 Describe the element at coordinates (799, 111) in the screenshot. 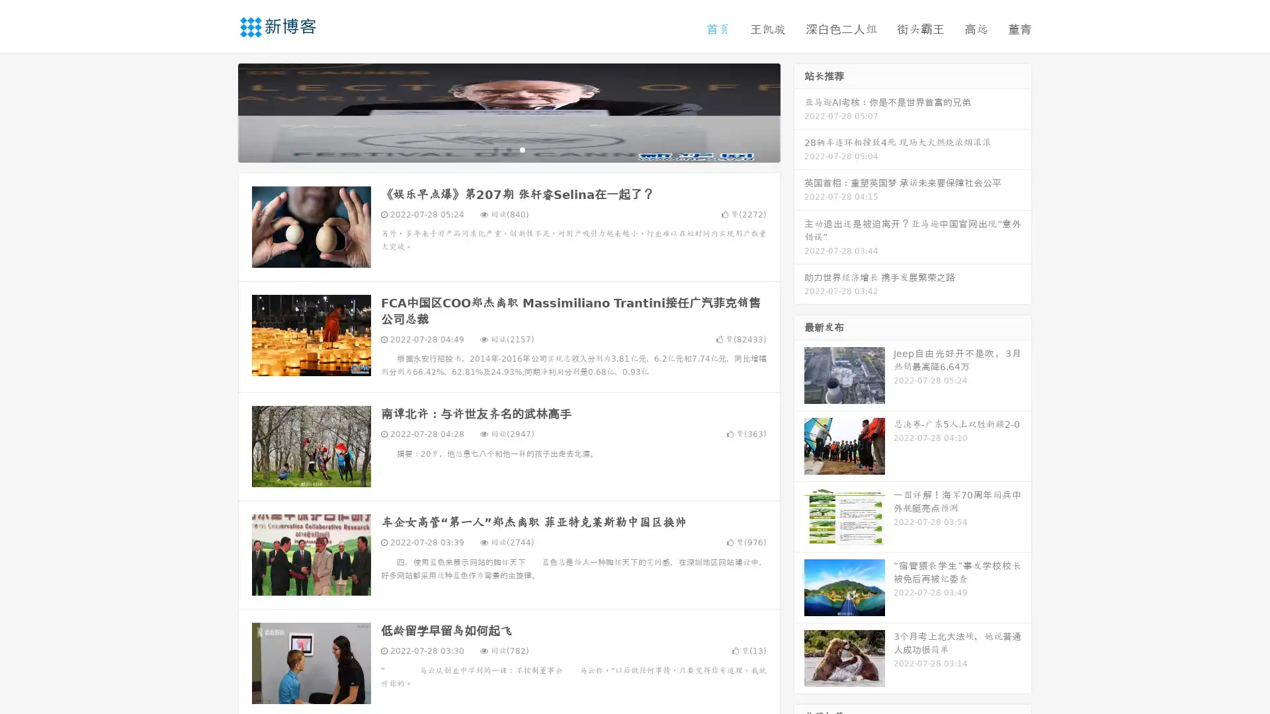

I see `Next slide` at that location.